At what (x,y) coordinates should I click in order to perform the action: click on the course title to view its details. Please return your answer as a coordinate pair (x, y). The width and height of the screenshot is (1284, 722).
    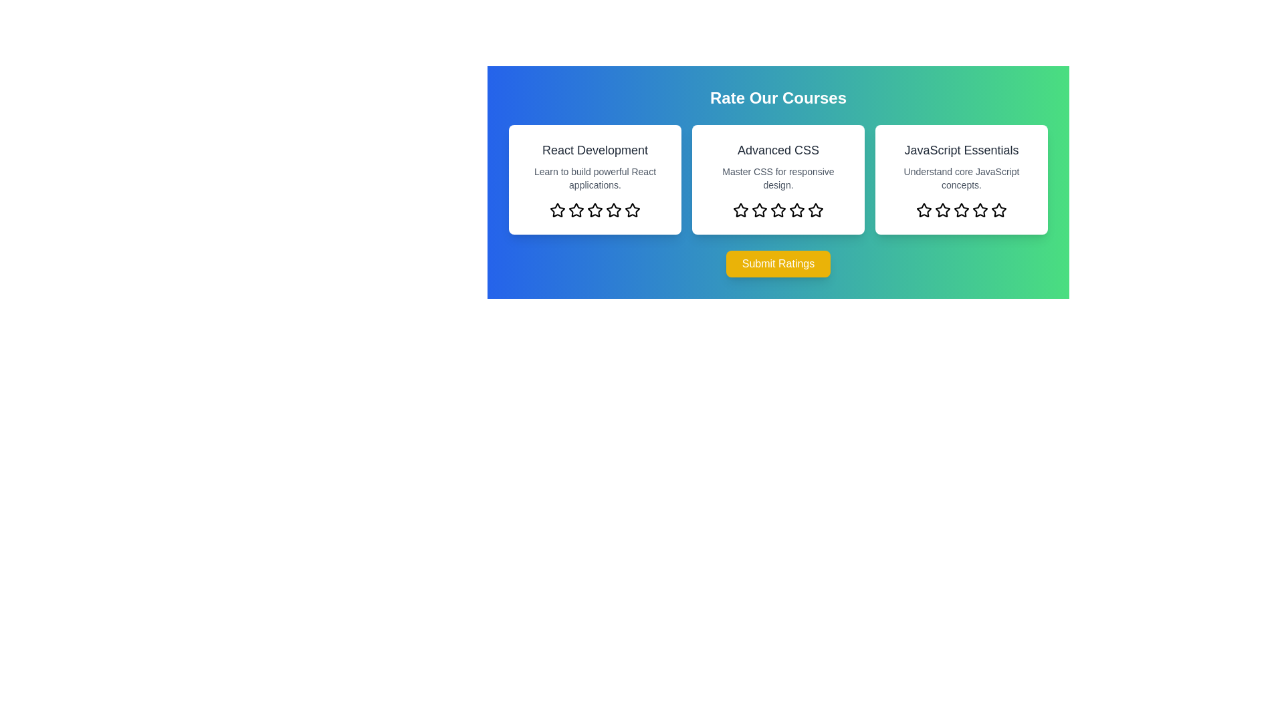
    Looking at the image, I should click on (594, 150).